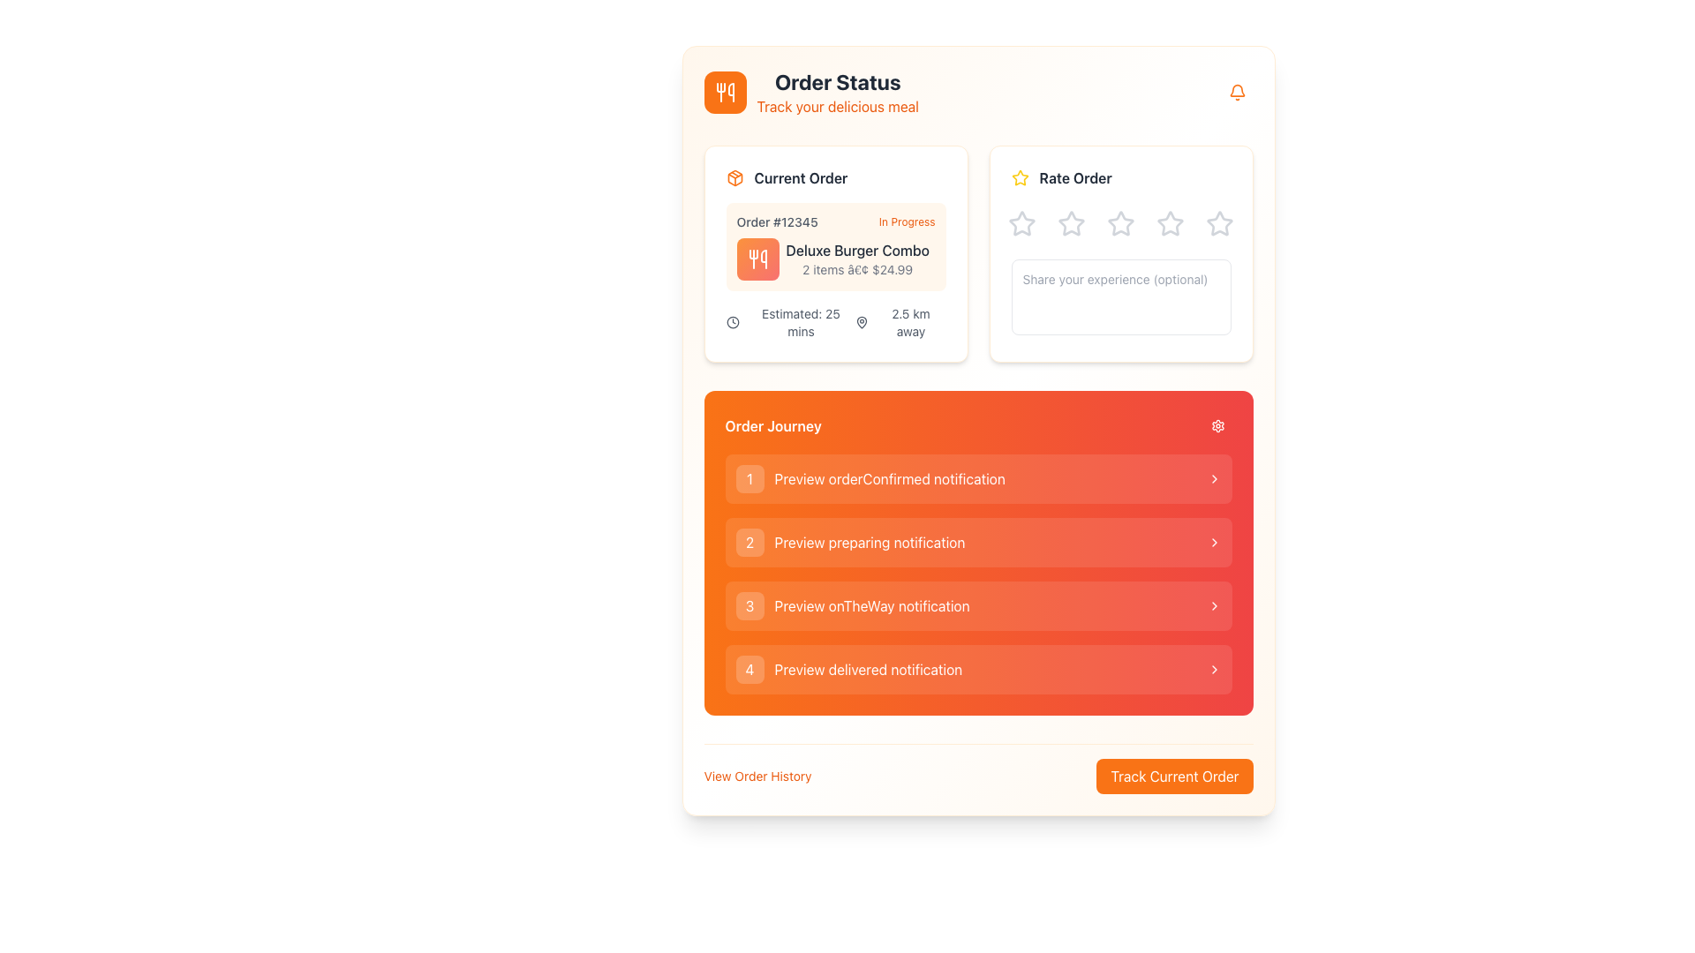  What do you see at coordinates (1236, 92) in the screenshot?
I see `the orange bell icon in the header section on the far right side` at bounding box center [1236, 92].